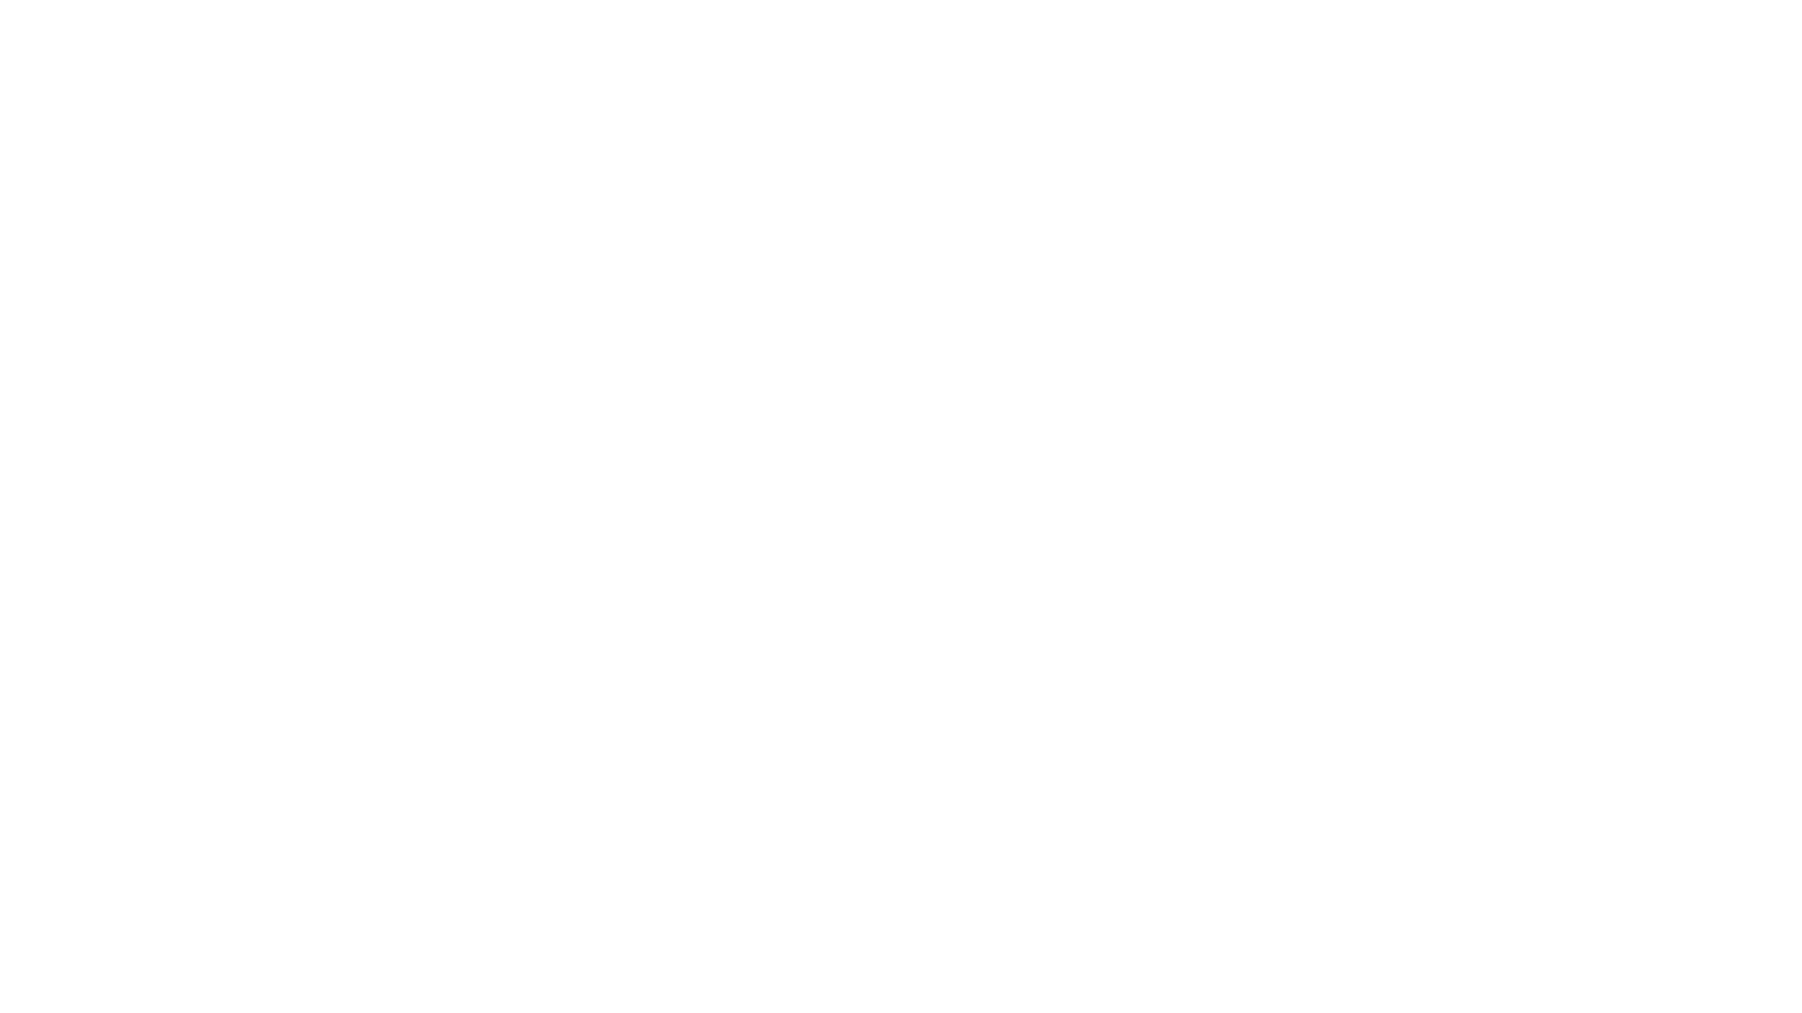  Describe the element at coordinates (1456, 456) in the screenshot. I see `TYPE` at that location.